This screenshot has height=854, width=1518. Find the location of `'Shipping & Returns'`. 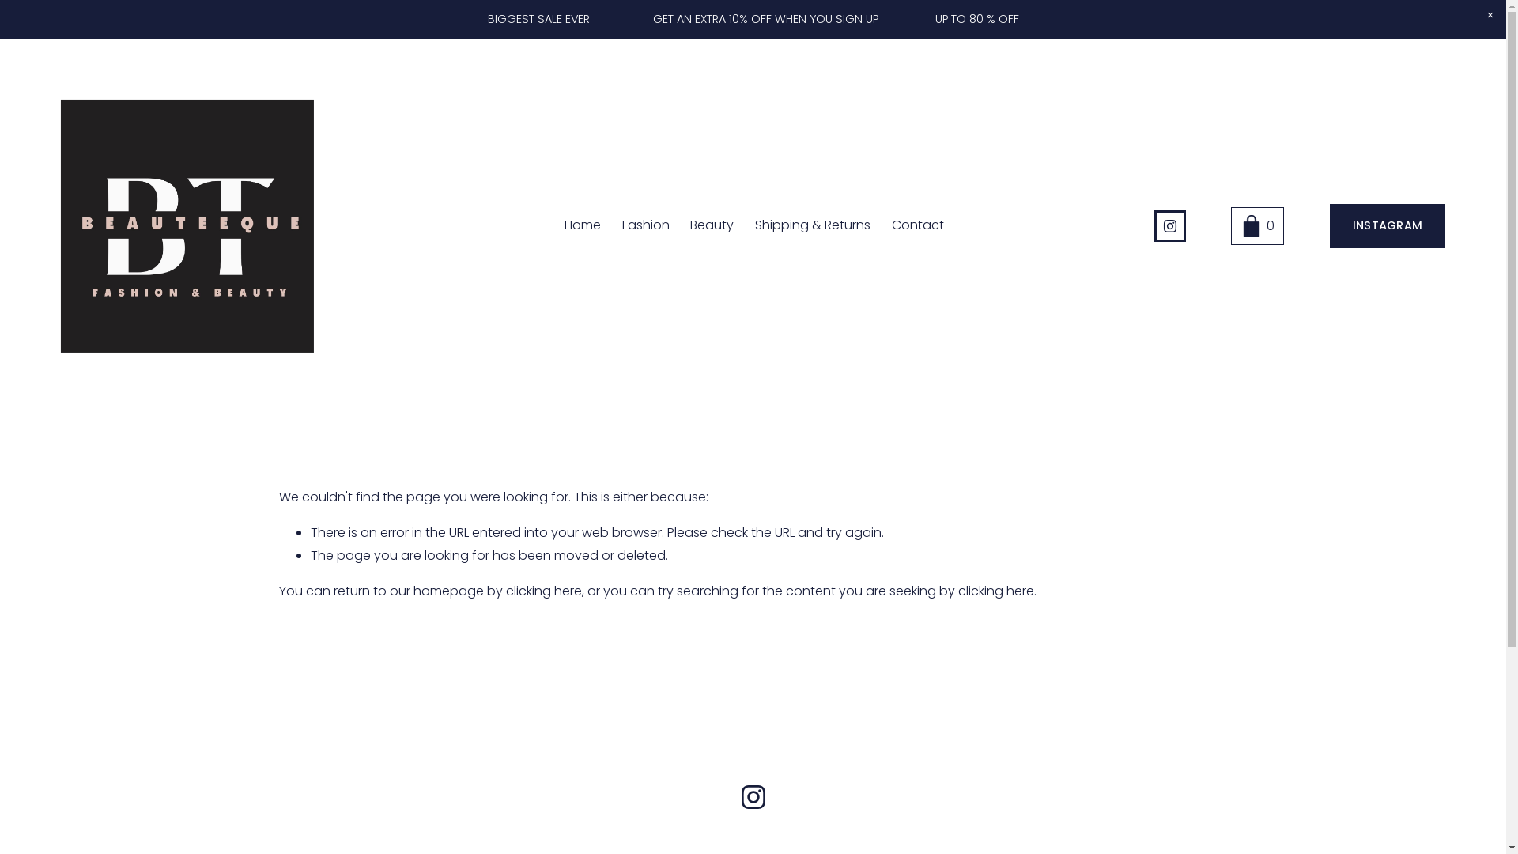

'Shipping & Returns' is located at coordinates (754, 225).